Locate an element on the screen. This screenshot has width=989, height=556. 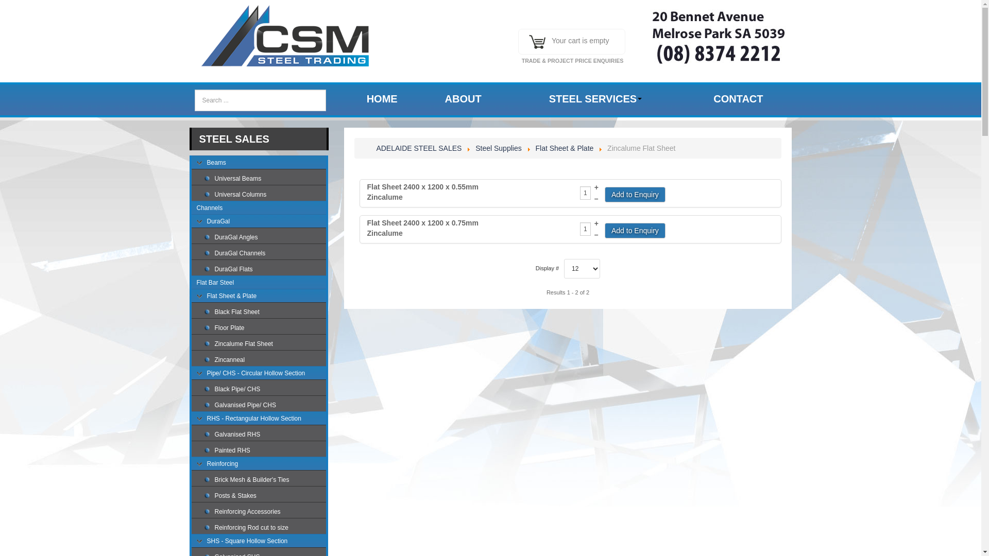
'Steel Supplies' is located at coordinates (499, 148).